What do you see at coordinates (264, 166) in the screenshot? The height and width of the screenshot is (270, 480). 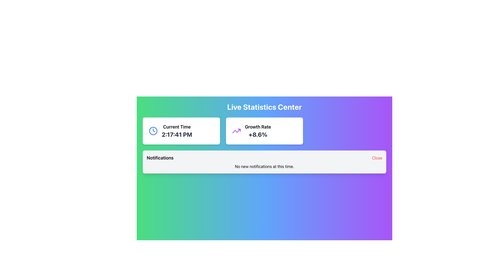 I see `the text label that reads 'No new notifications at this time.' which is located within the notification panel, below the 'Notifications' and 'Close' buttons` at bounding box center [264, 166].